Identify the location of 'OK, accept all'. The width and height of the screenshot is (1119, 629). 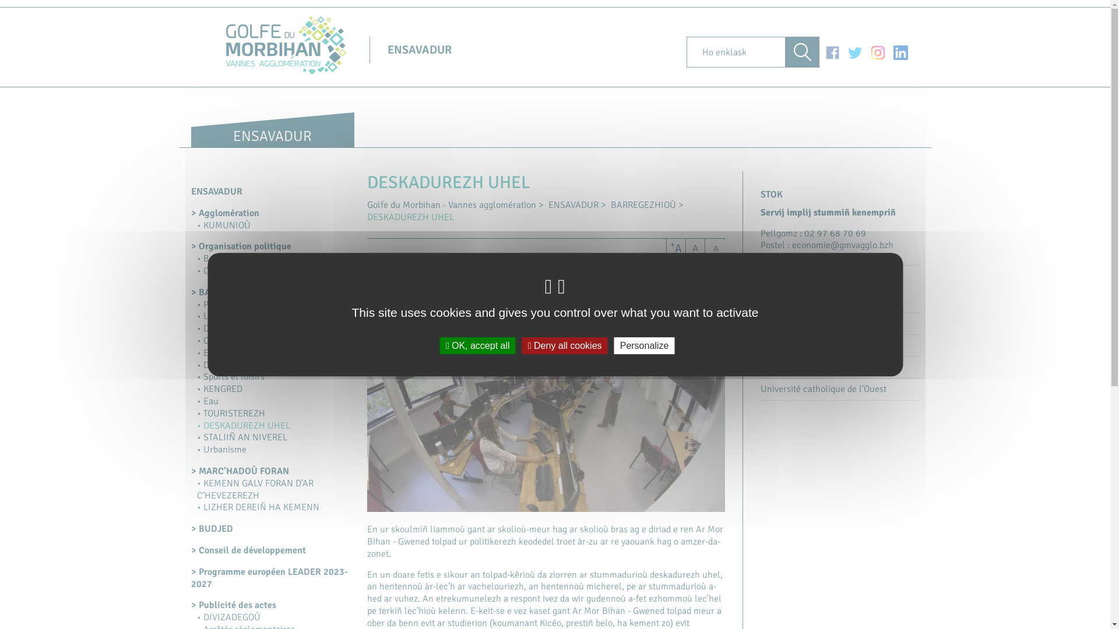
(478, 345).